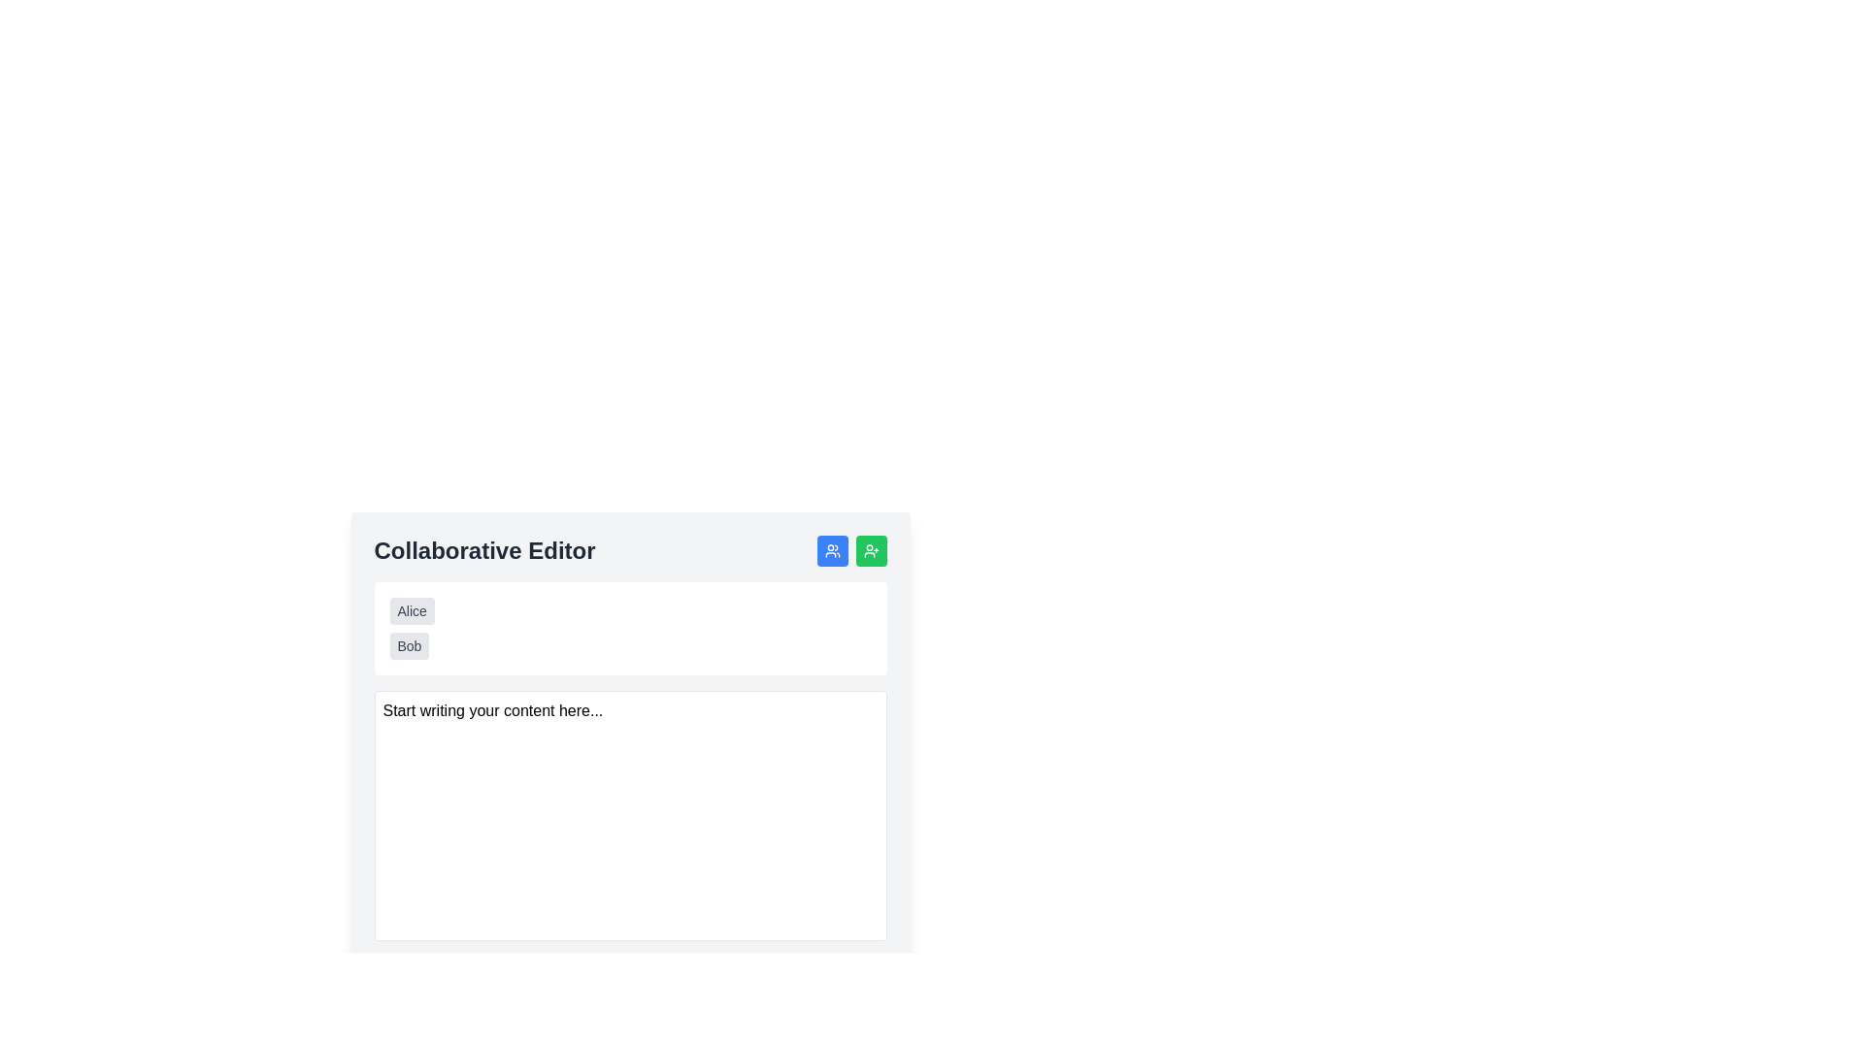 This screenshot has width=1864, height=1048. Describe the element at coordinates (870, 550) in the screenshot. I see `the small green button with a white user icon and plus sign located at the top-right corner of the editor section` at that location.